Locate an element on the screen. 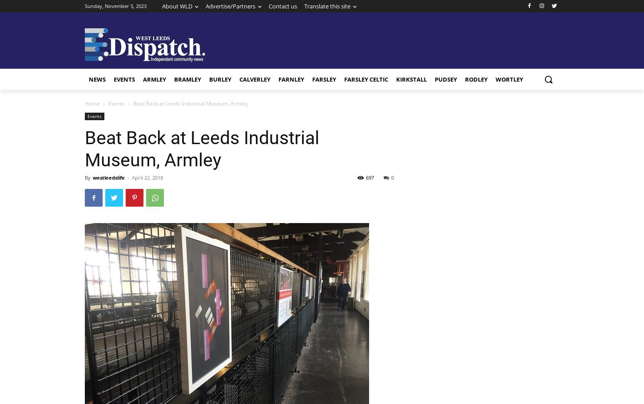 The width and height of the screenshot is (644, 404). 'Armley' is located at coordinates (143, 79).